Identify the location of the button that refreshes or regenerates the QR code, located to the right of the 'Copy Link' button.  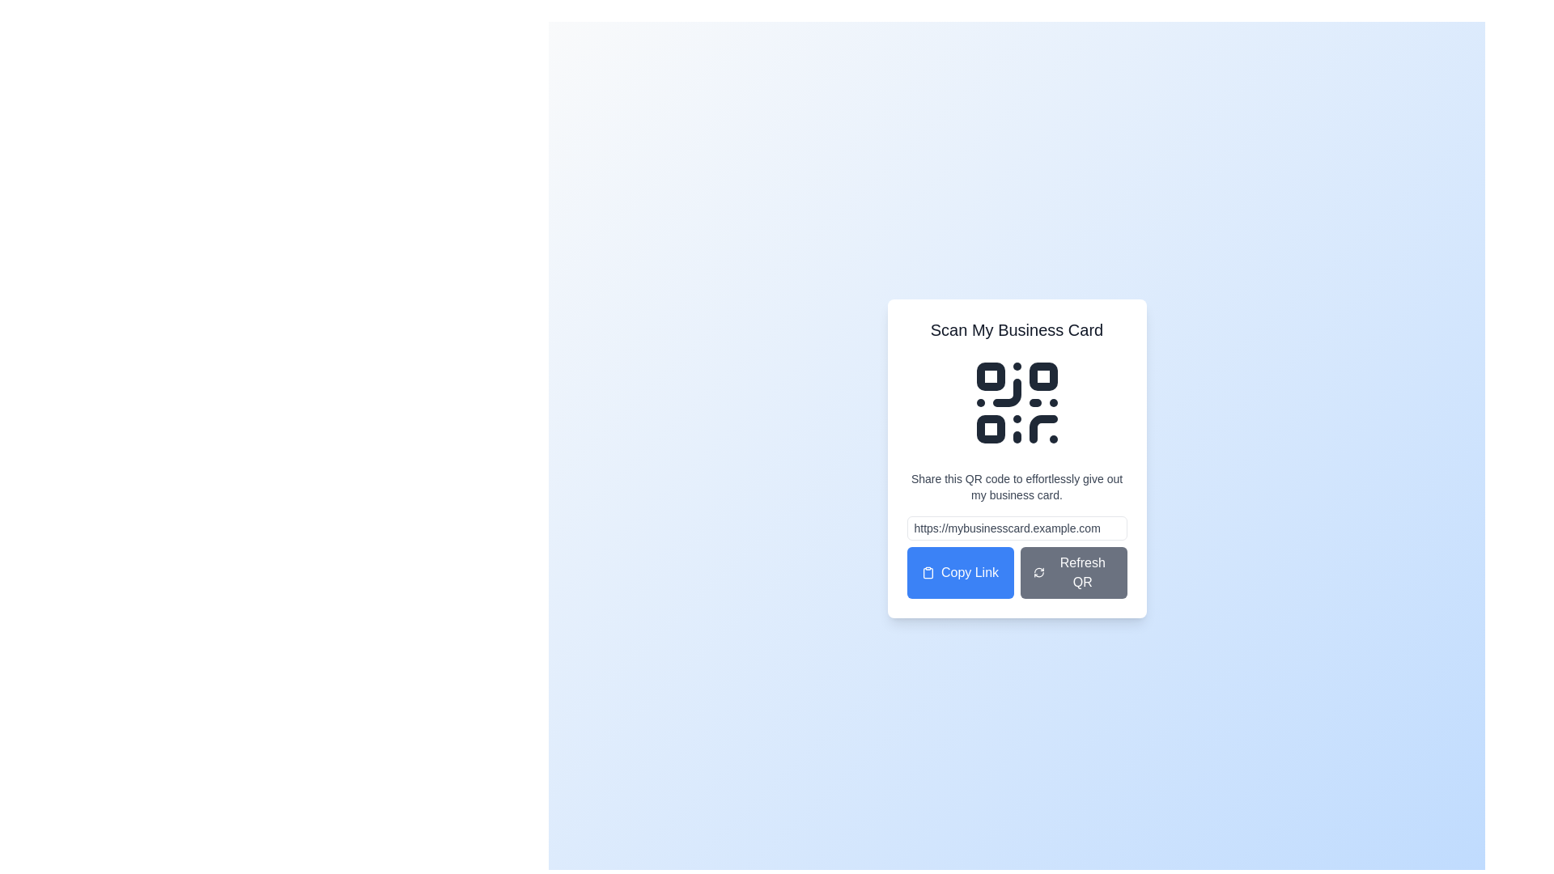
(1073, 572).